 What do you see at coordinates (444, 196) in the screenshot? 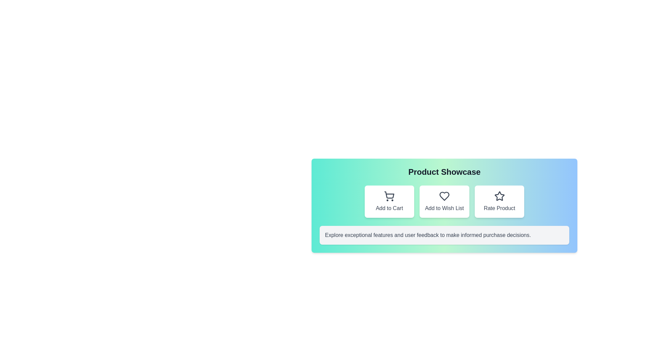
I see `the heart-shaped icon within the 'Add to Wish List' button` at bounding box center [444, 196].